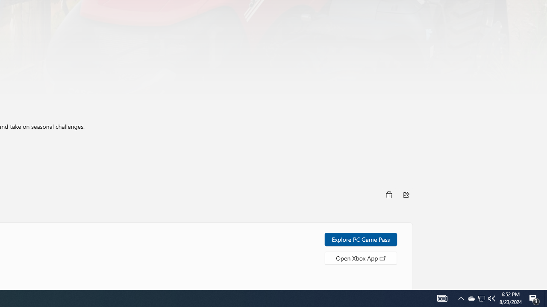 The height and width of the screenshot is (307, 547). What do you see at coordinates (406, 194) in the screenshot?
I see `'Share'` at bounding box center [406, 194].